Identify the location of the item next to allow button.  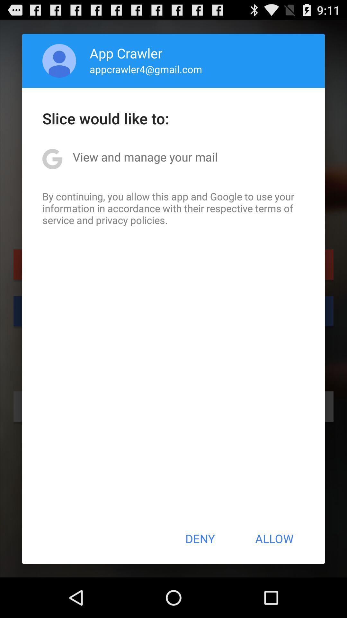
(200, 538).